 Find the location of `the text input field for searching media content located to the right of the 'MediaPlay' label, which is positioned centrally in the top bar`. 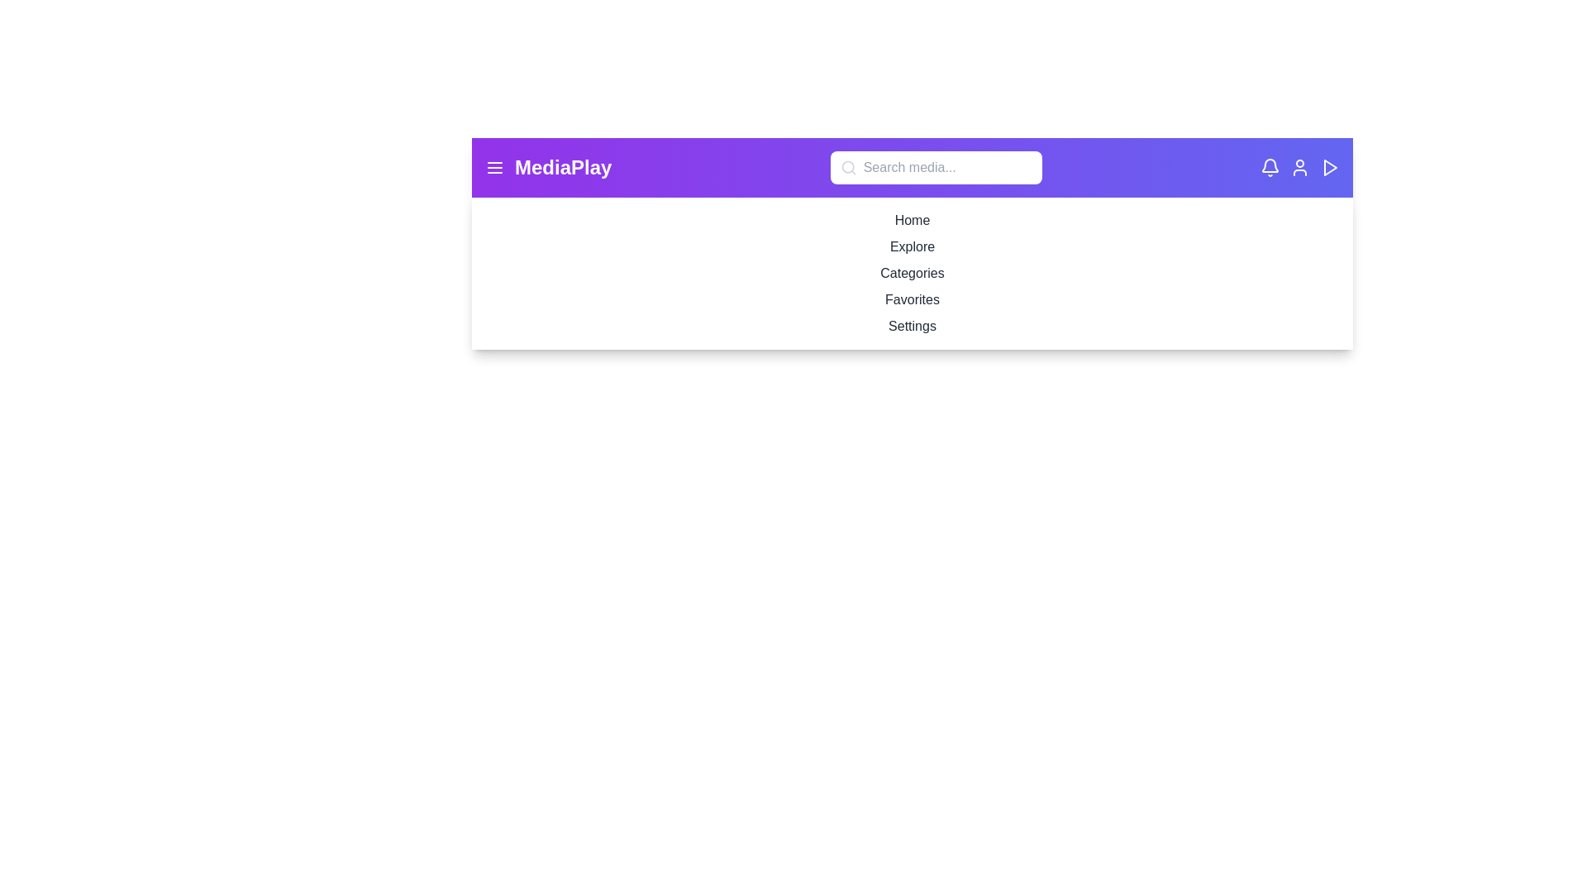

the text input field for searching media content located to the right of the 'MediaPlay' label, which is positioned centrally in the top bar is located at coordinates (936, 168).